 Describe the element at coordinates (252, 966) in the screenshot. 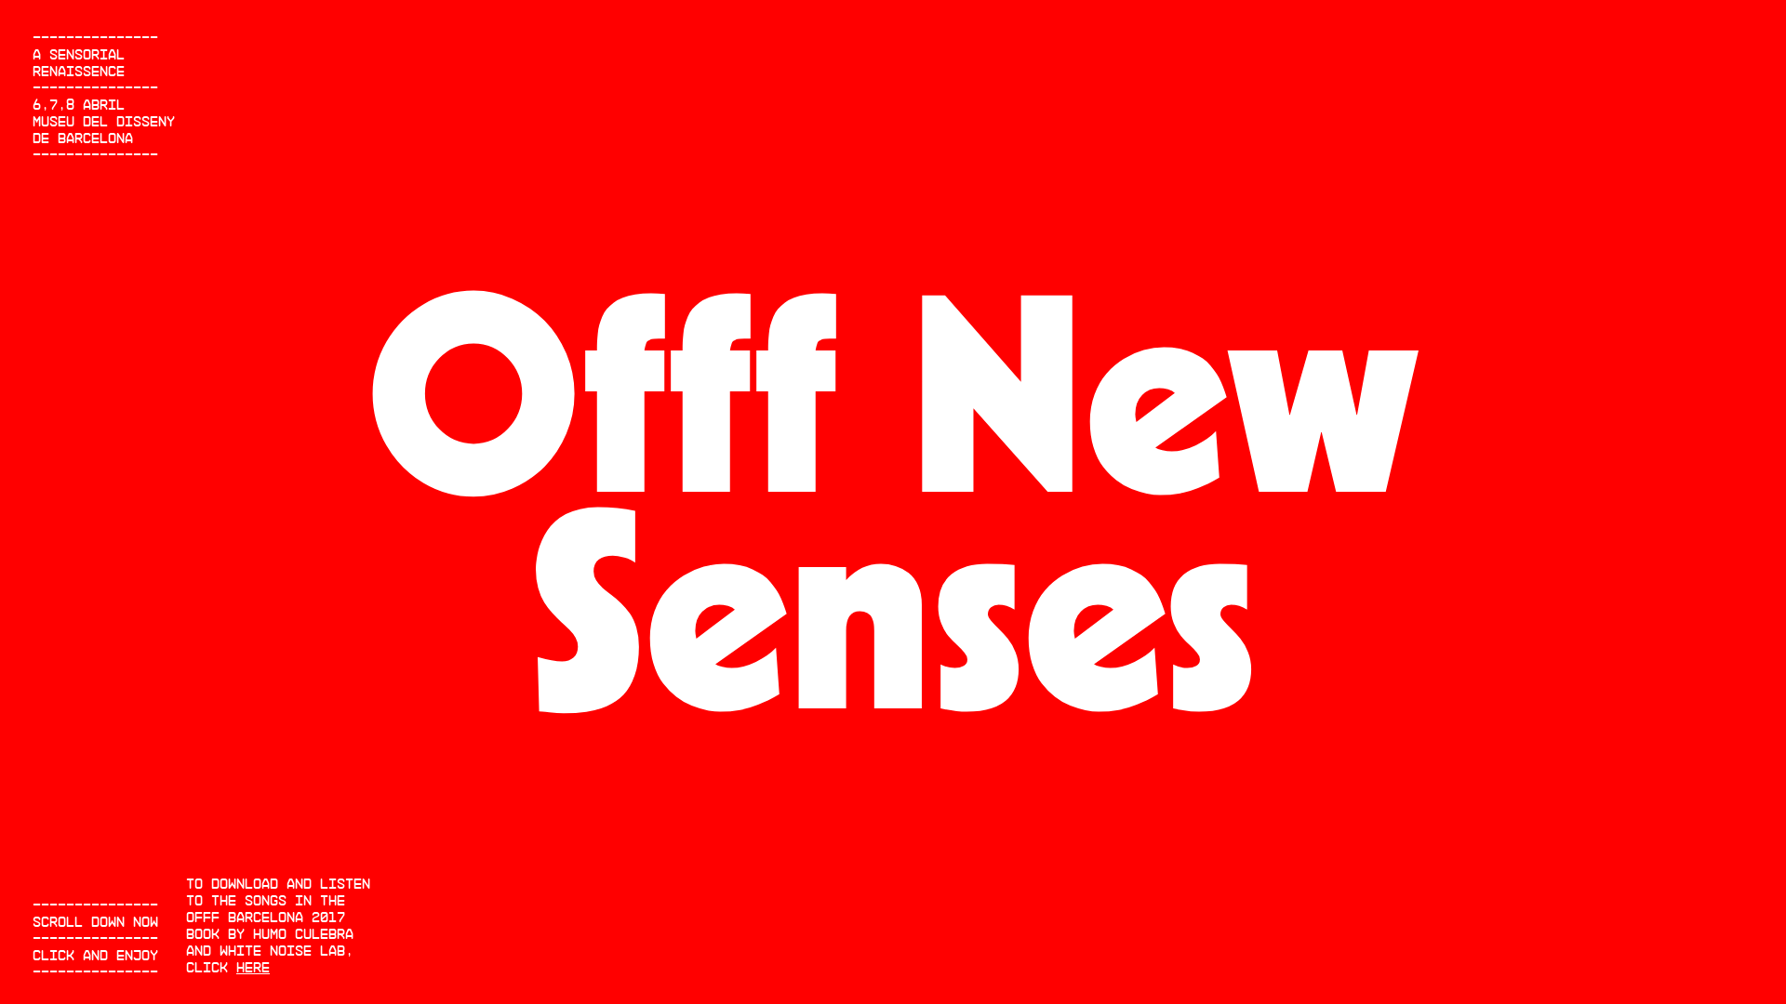

I see `'here'` at that location.